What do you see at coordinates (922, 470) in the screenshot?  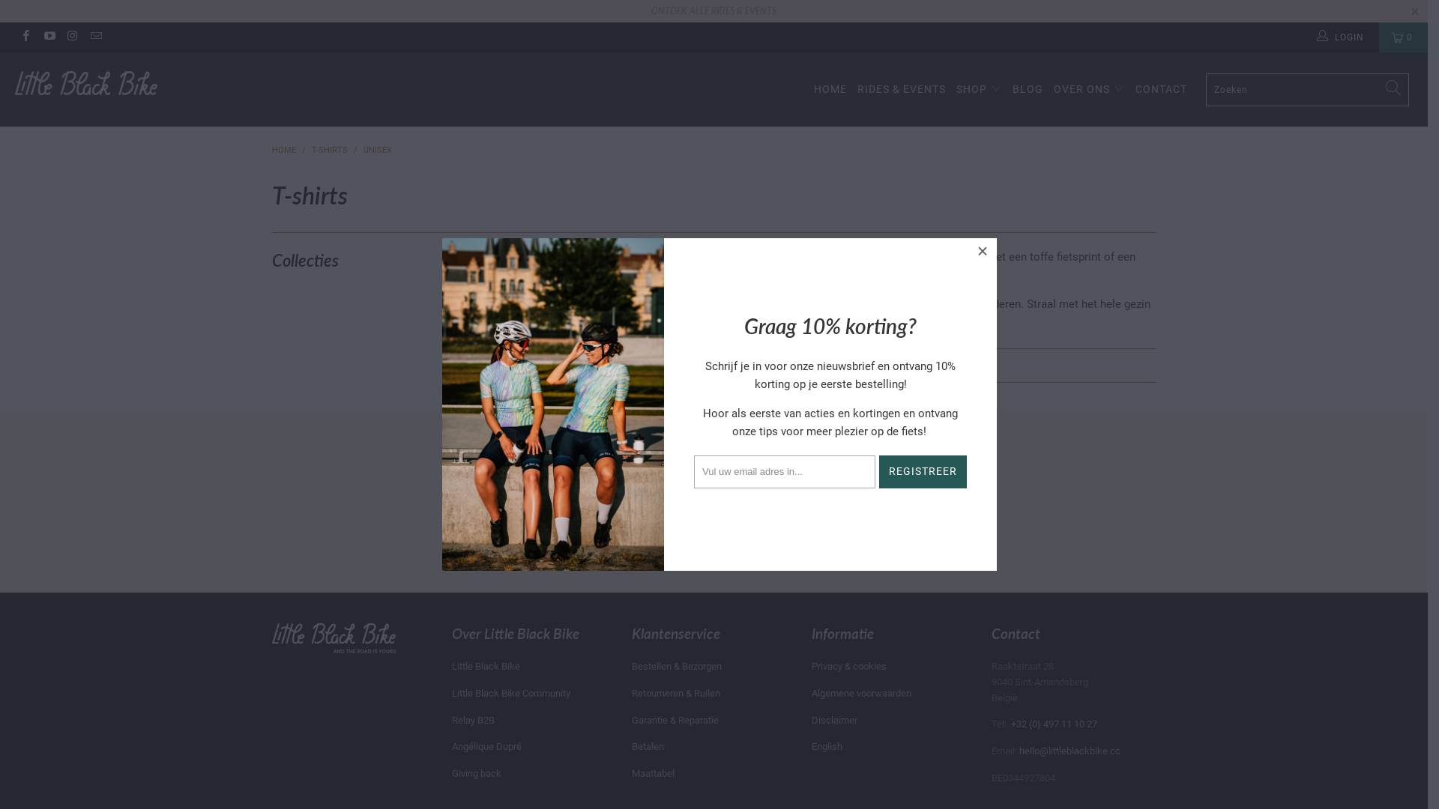 I see `'Registreer'` at bounding box center [922, 470].